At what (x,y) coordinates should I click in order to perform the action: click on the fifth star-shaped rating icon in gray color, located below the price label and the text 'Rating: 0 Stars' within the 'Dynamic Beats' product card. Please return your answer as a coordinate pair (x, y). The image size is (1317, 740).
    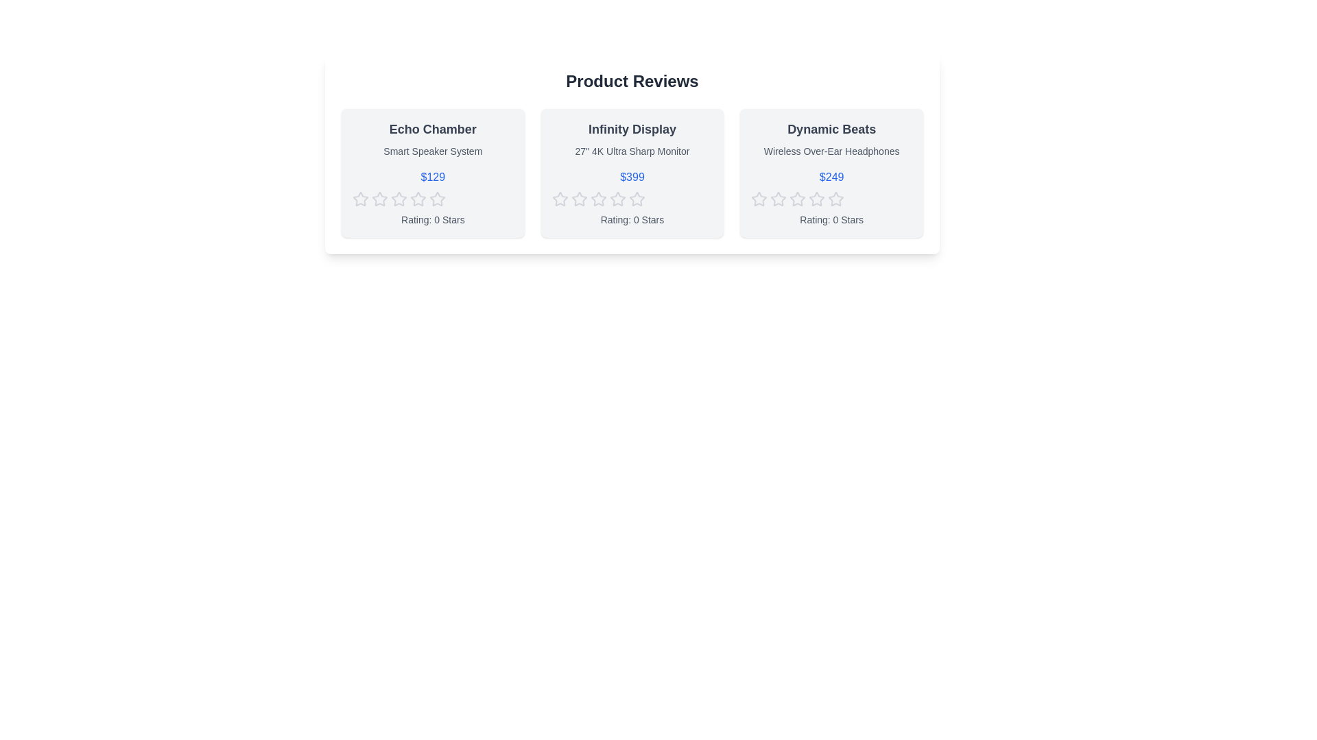
    Looking at the image, I should click on (835, 199).